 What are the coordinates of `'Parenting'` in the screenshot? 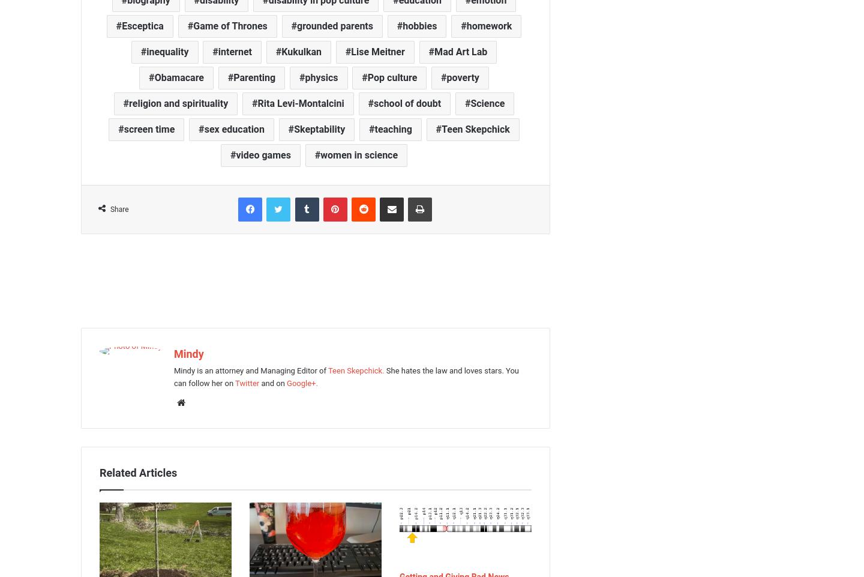 It's located at (254, 76).